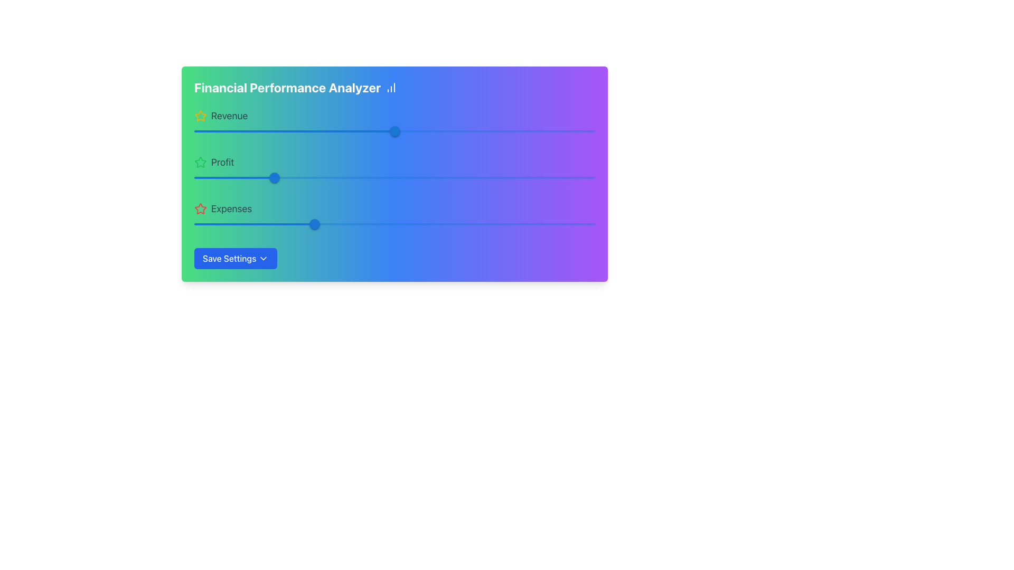  What do you see at coordinates (498, 131) in the screenshot?
I see `the Revenue slider` at bounding box center [498, 131].